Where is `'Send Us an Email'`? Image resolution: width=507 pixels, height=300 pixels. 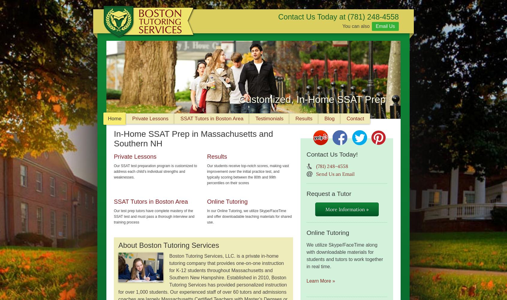
'Send Us an Email' is located at coordinates (335, 174).